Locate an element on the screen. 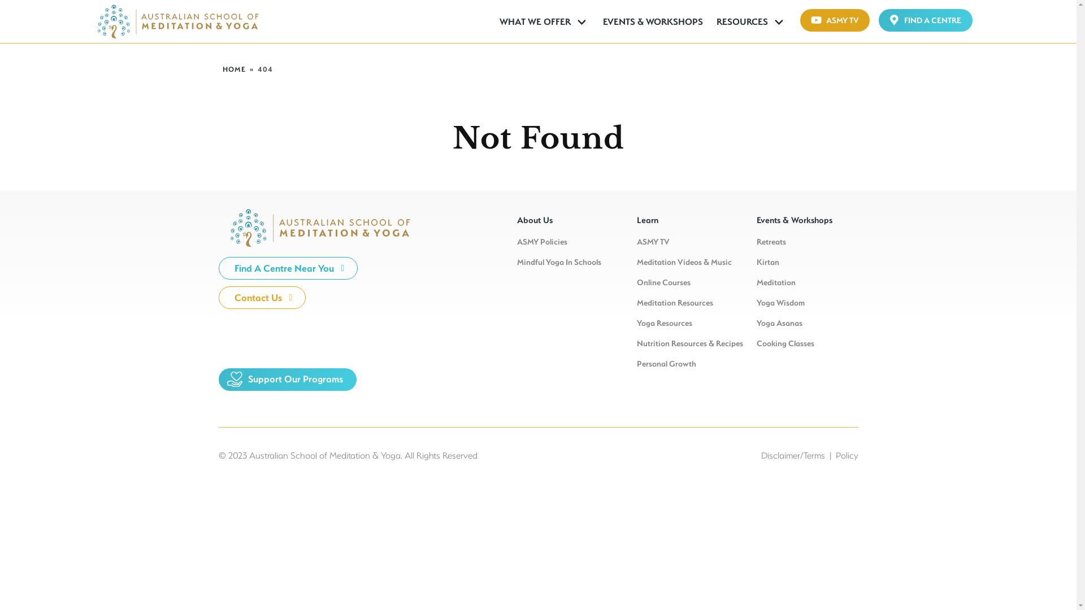  'ASMY TV' is located at coordinates (636, 241).